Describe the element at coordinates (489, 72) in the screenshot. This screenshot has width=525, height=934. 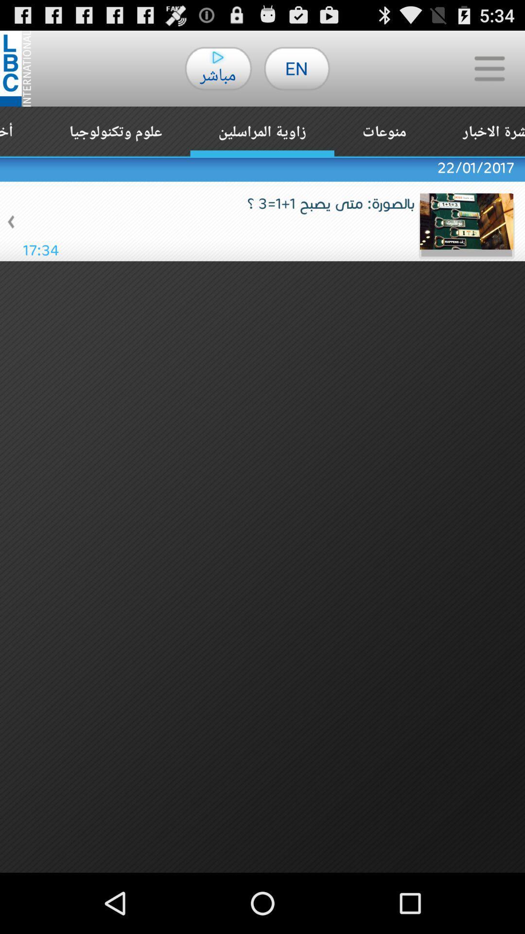
I see `the menu icon` at that location.